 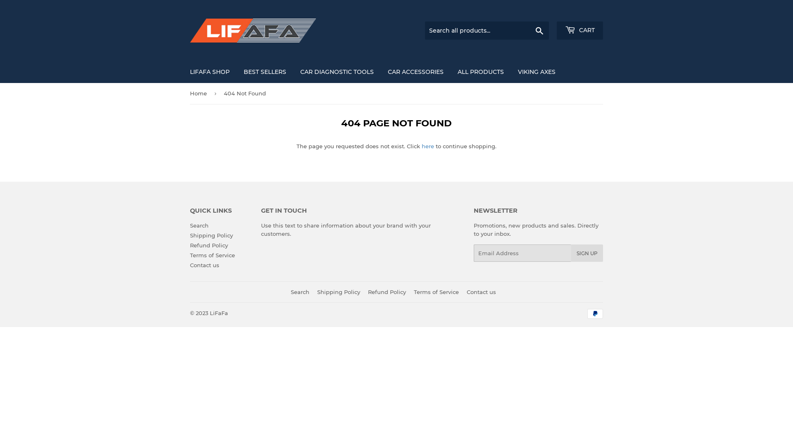 I want to click on 'BEST SELLERS', so click(x=237, y=71).